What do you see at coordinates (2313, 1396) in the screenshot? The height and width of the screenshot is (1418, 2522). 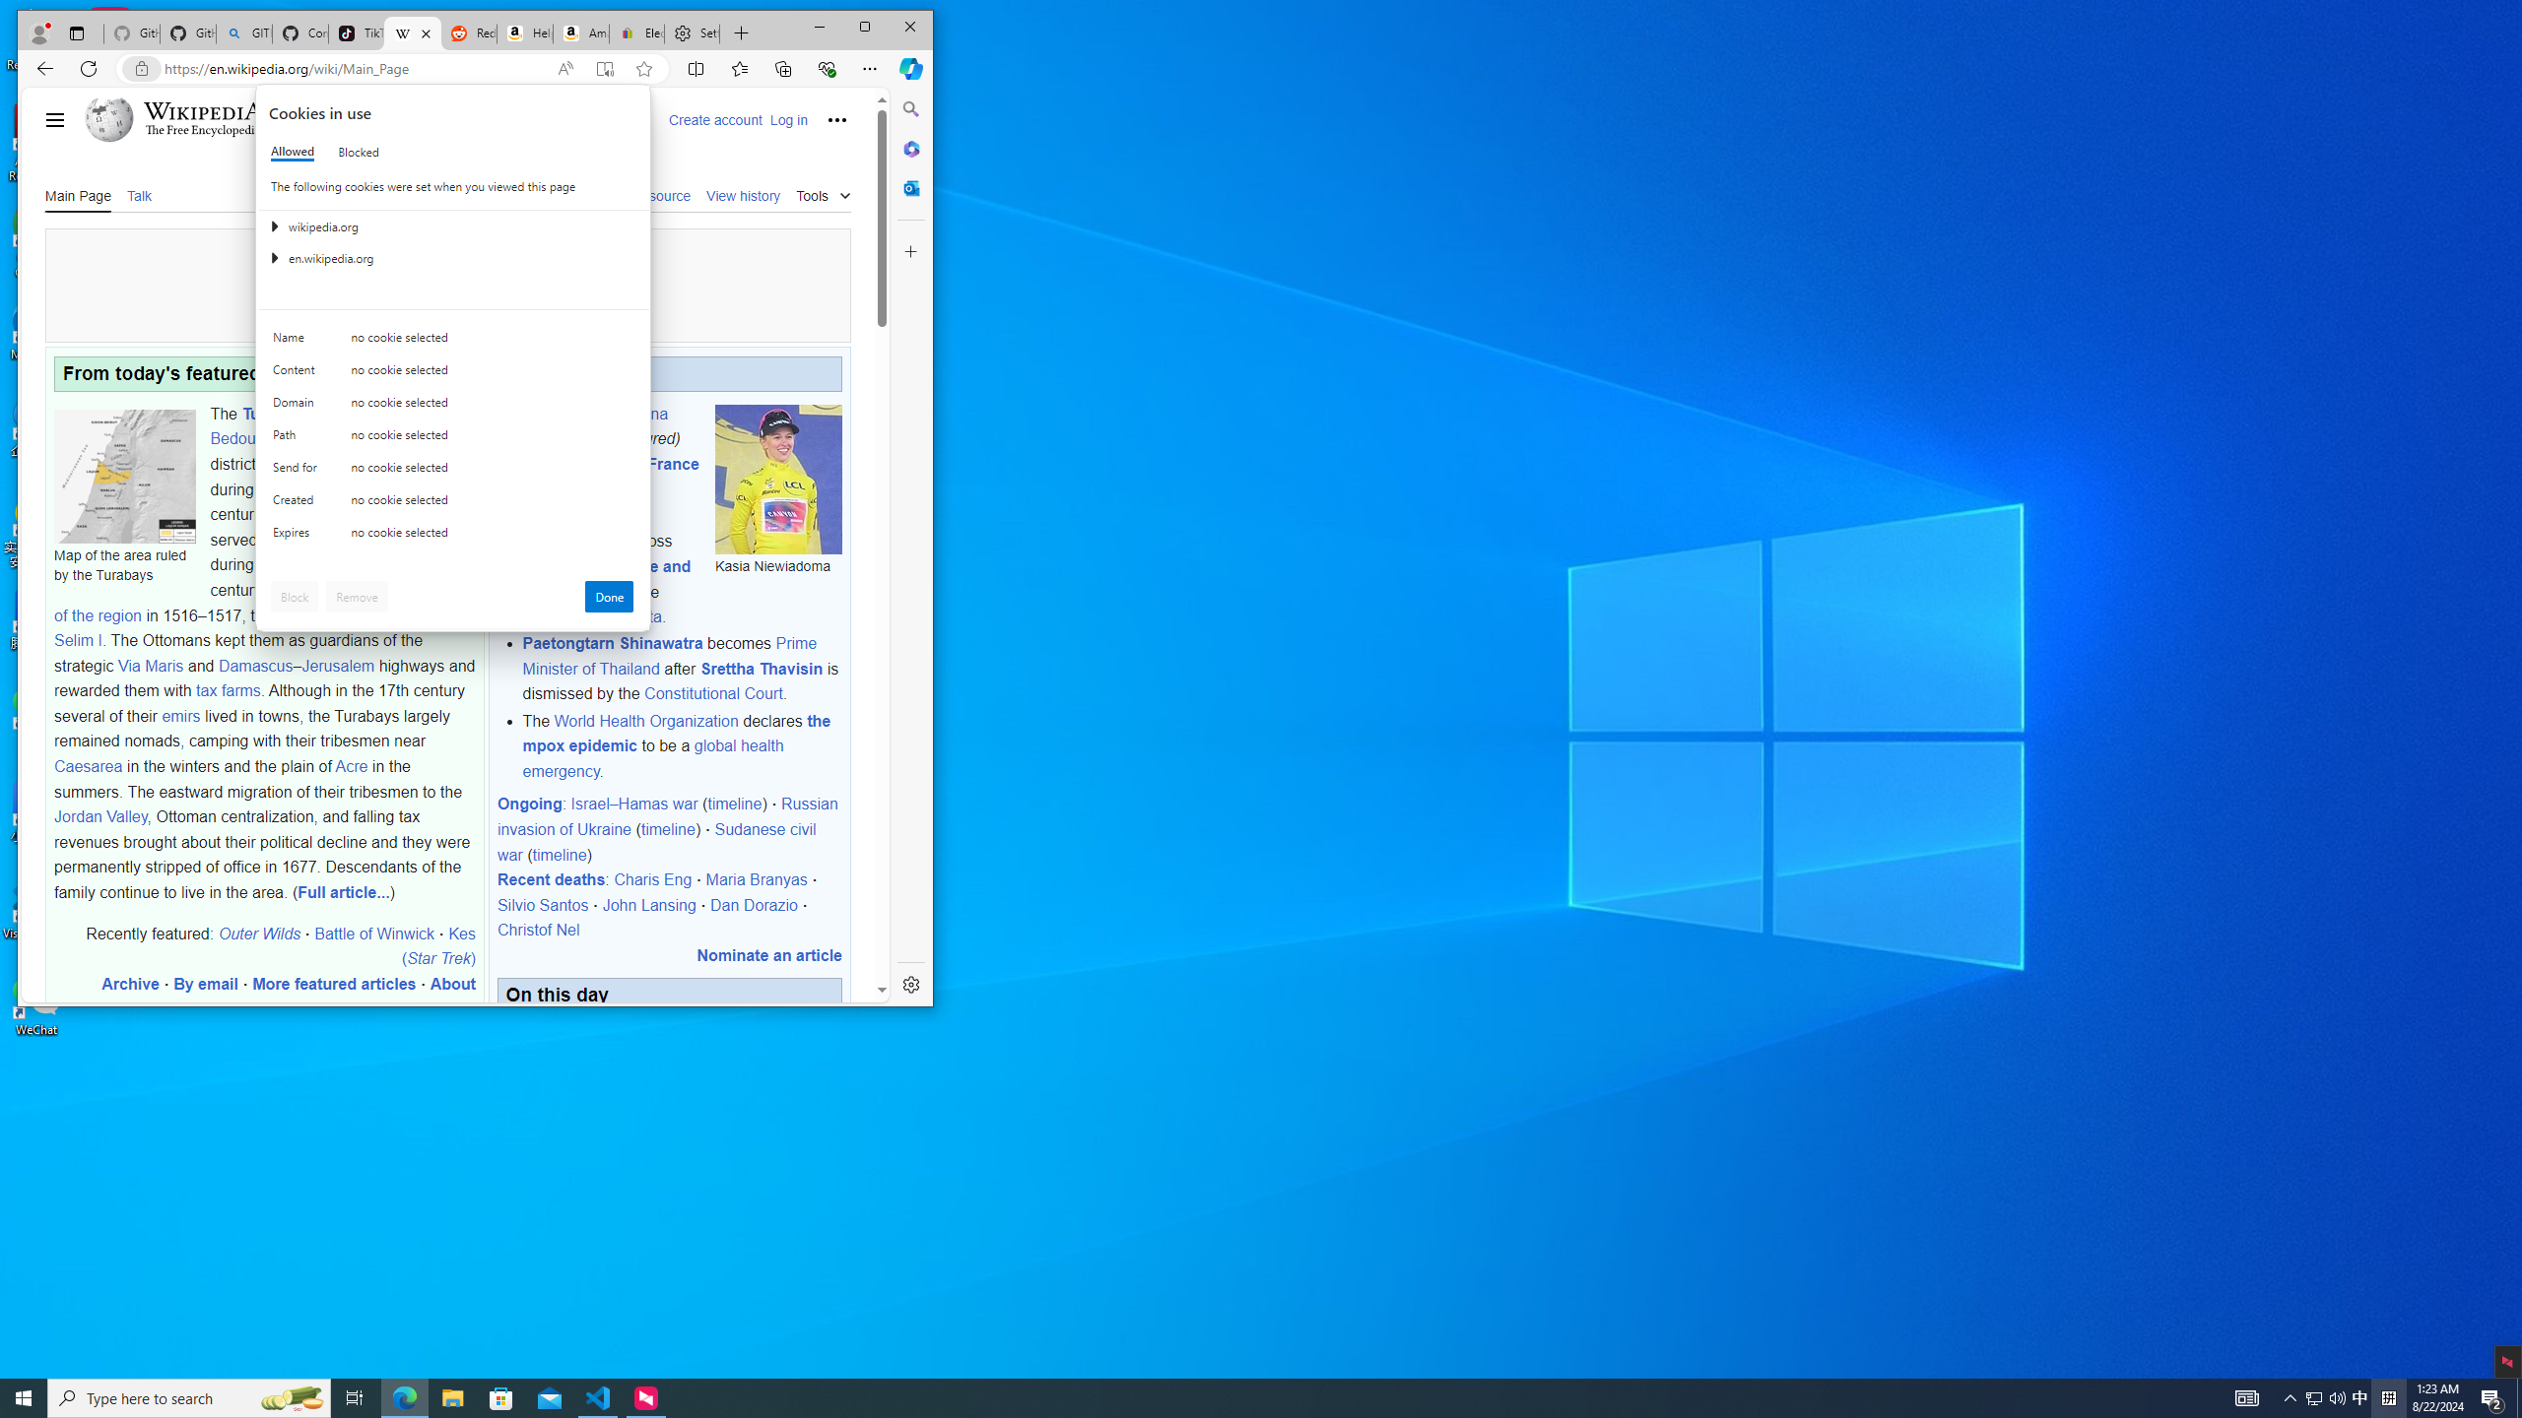 I see `'AutomationID: 4105'` at bounding box center [2313, 1396].